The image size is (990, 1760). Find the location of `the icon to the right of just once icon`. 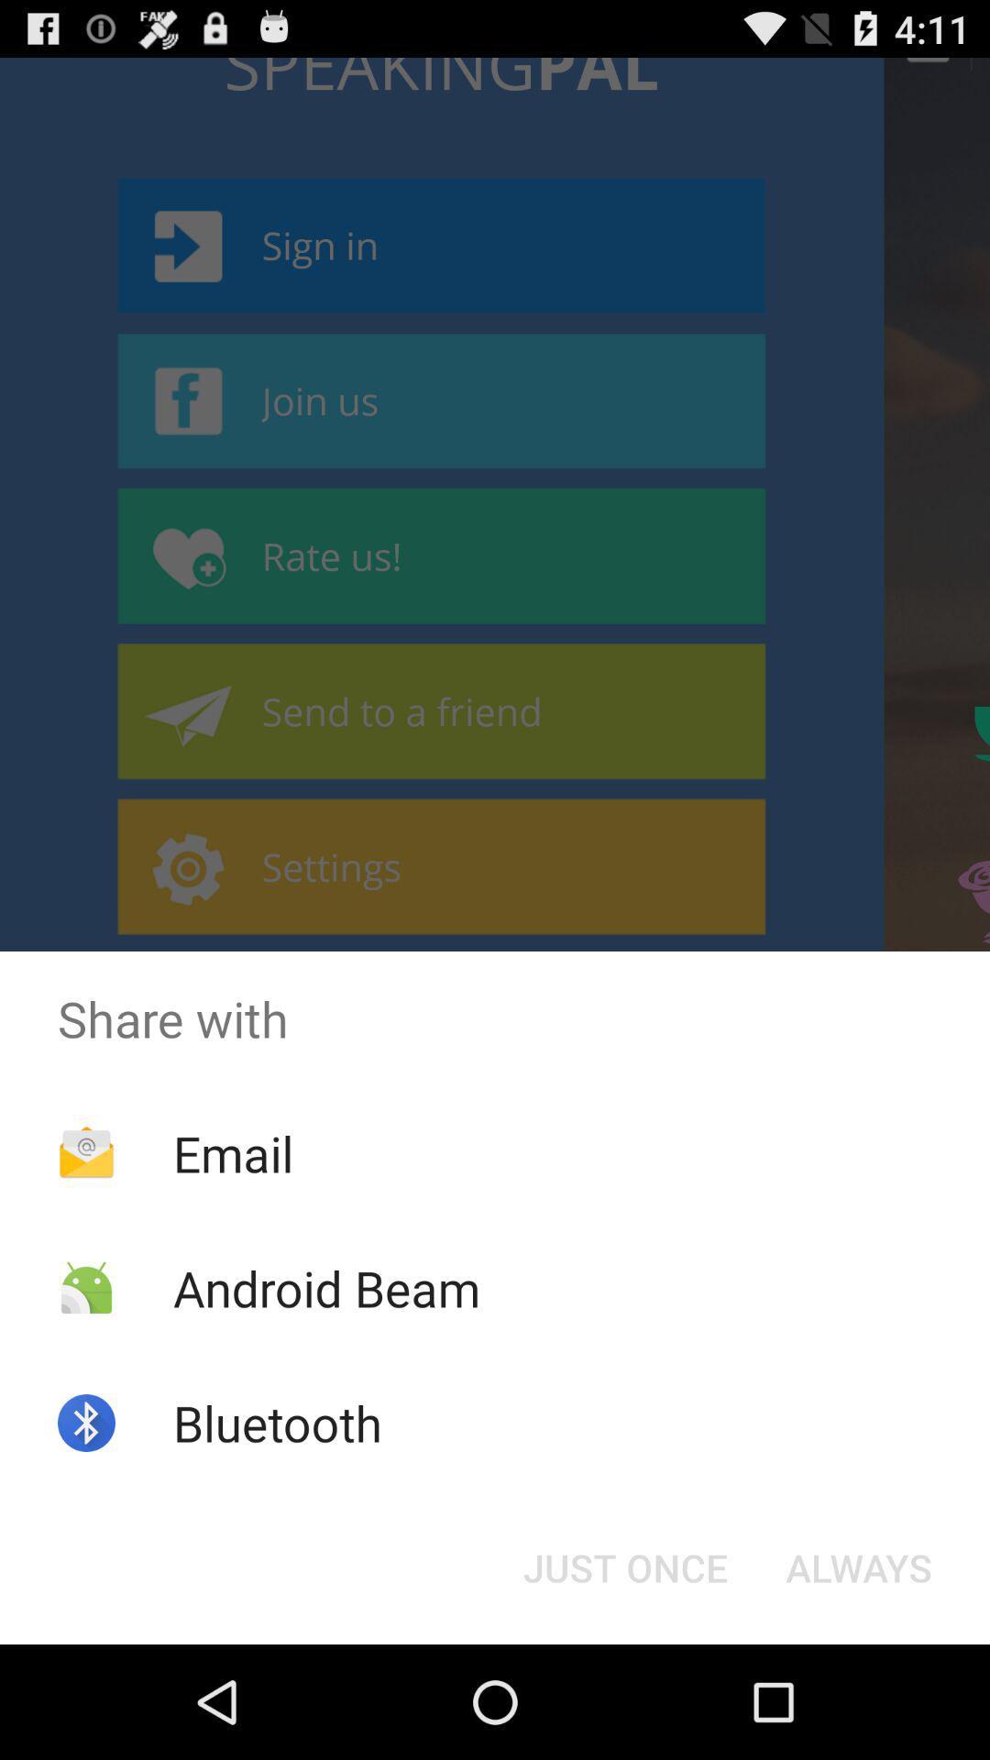

the icon to the right of just once icon is located at coordinates (859, 1566).